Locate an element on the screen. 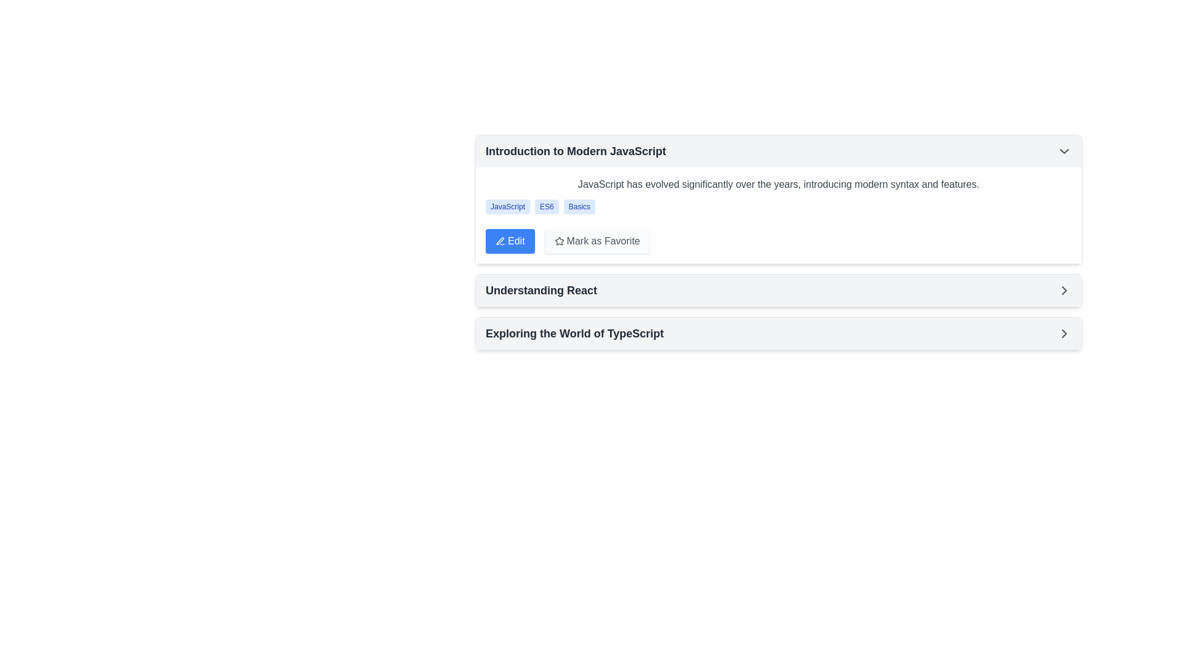 This screenshot has height=665, width=1182. the Chevron-Down icon in the header bar for the 'Introduction to Modern JavaScript' course is located at coordinates (1063, 151).